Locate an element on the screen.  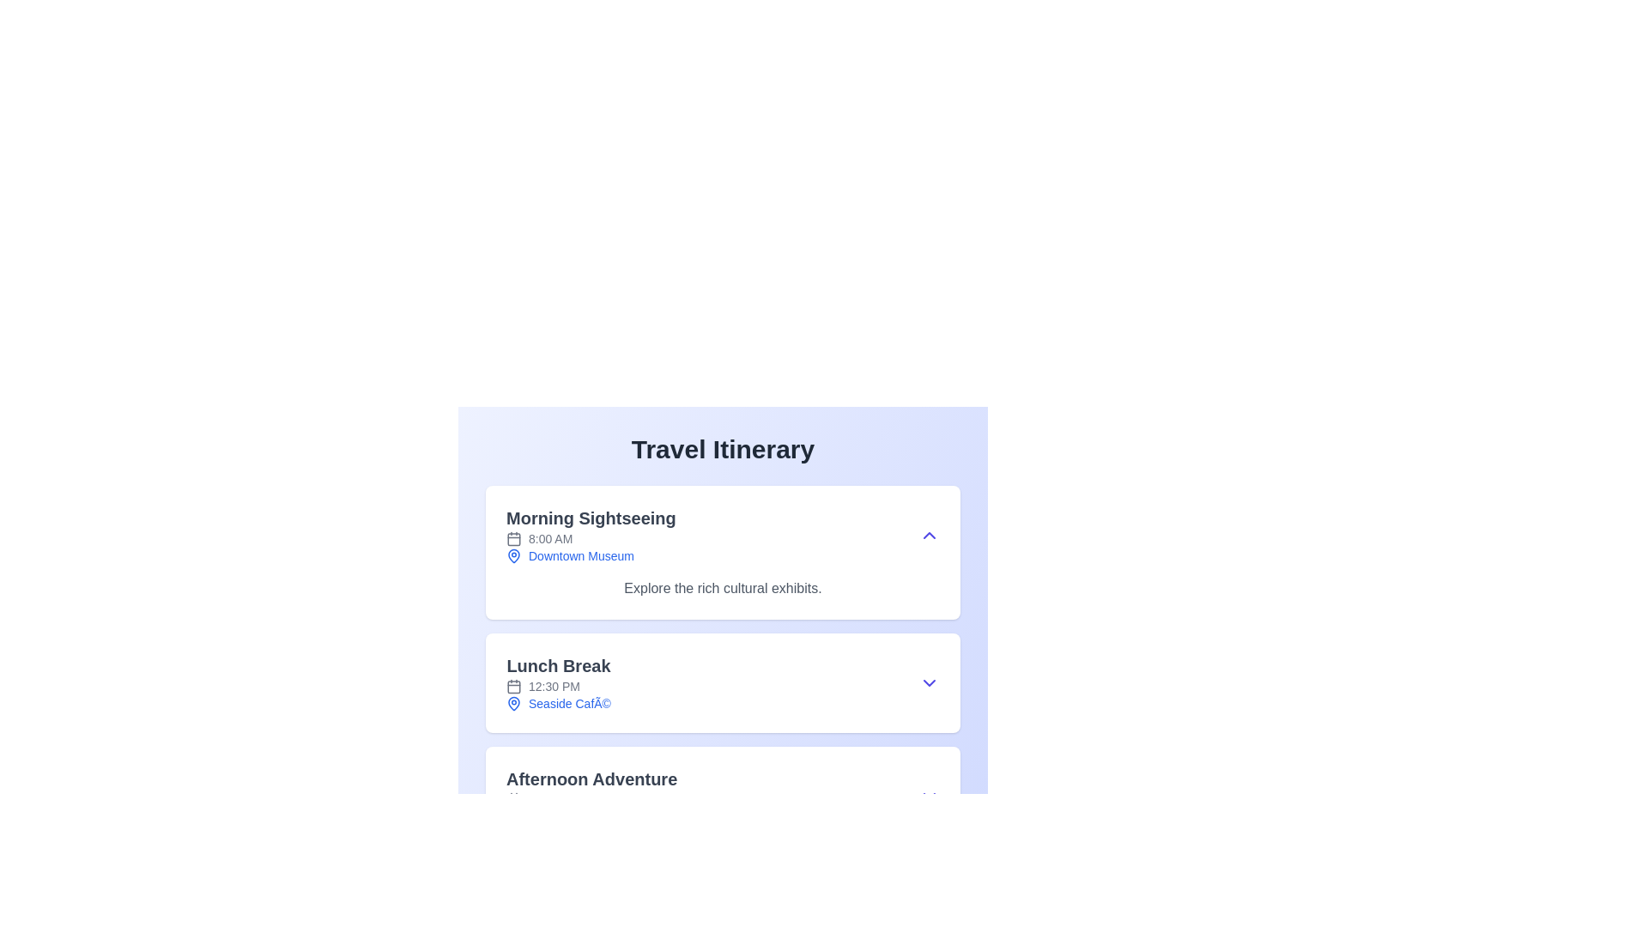
the 'Afternoon Adventure' card component, which is the third card in the vertical list of travel itinerary items is located at coordinates (723, 797).